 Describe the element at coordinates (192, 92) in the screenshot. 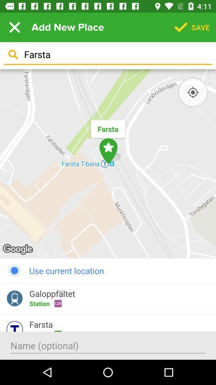

I see `current location` at that location.